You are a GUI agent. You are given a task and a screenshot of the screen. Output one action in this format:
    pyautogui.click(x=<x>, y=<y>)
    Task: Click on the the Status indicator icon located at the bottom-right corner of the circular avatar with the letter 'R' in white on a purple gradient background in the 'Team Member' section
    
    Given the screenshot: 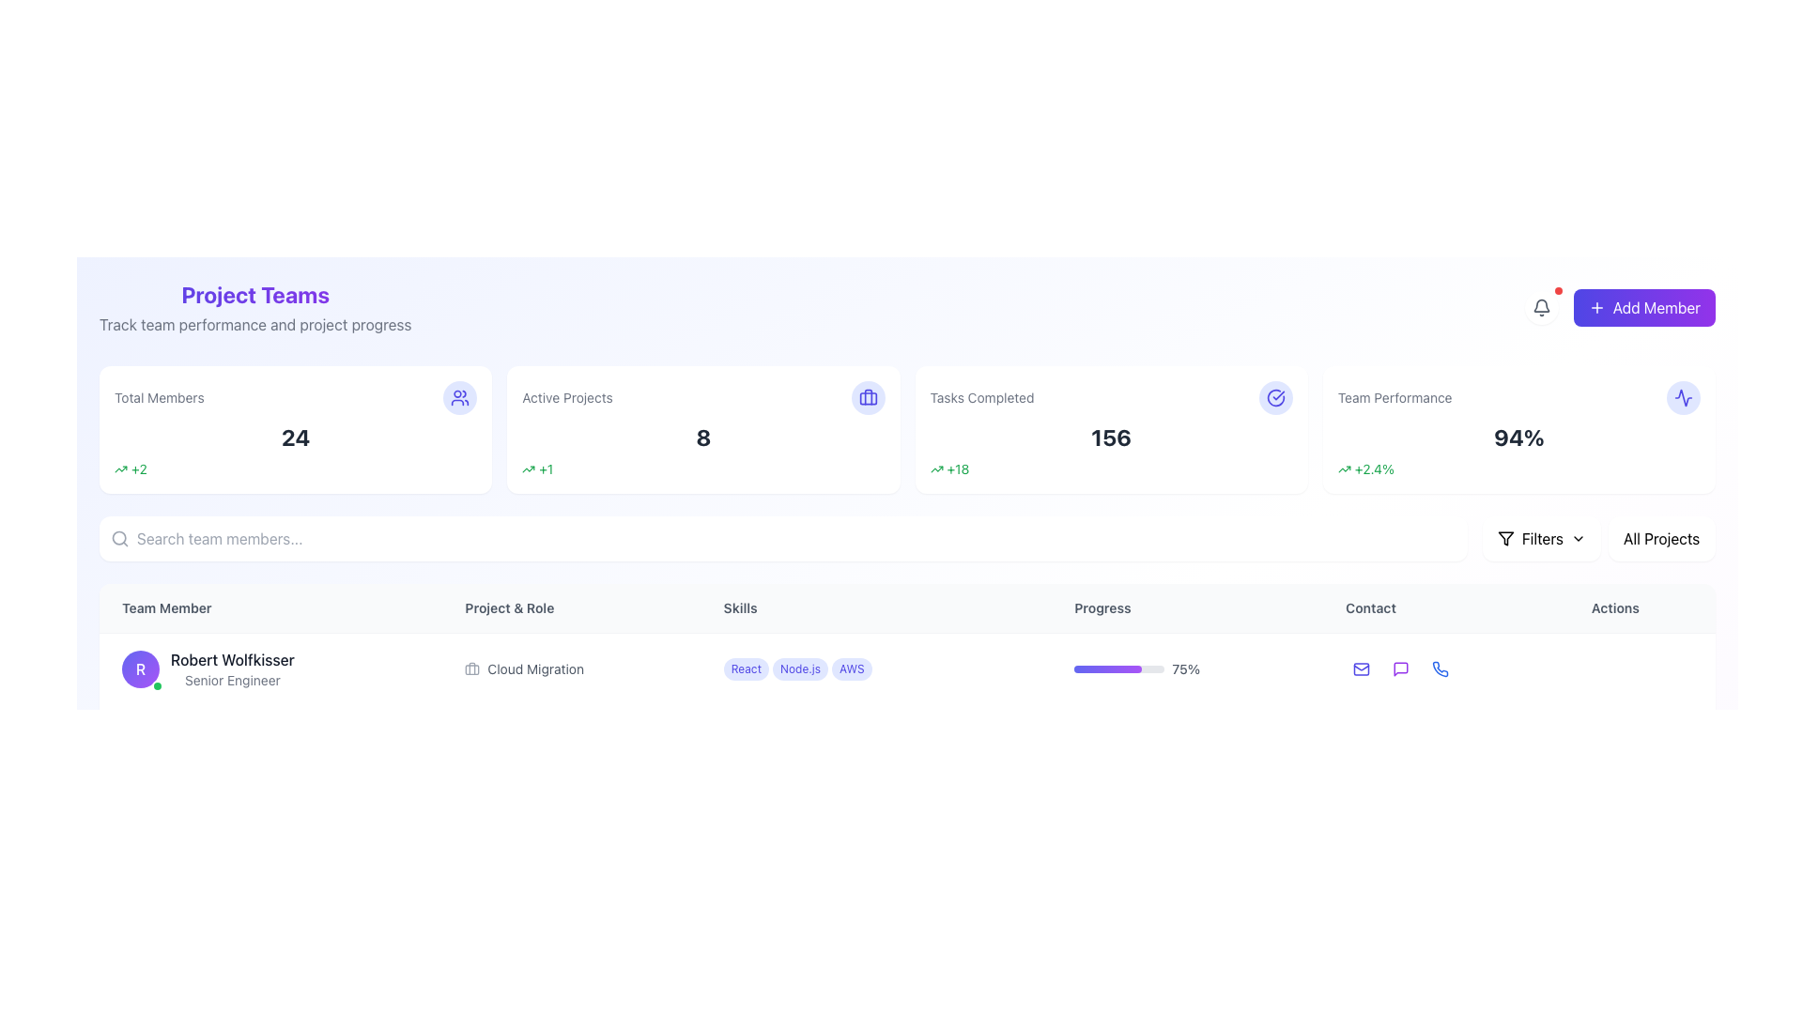 What is the action you would take?
    pyautogui.click(x=158, y=686)
    